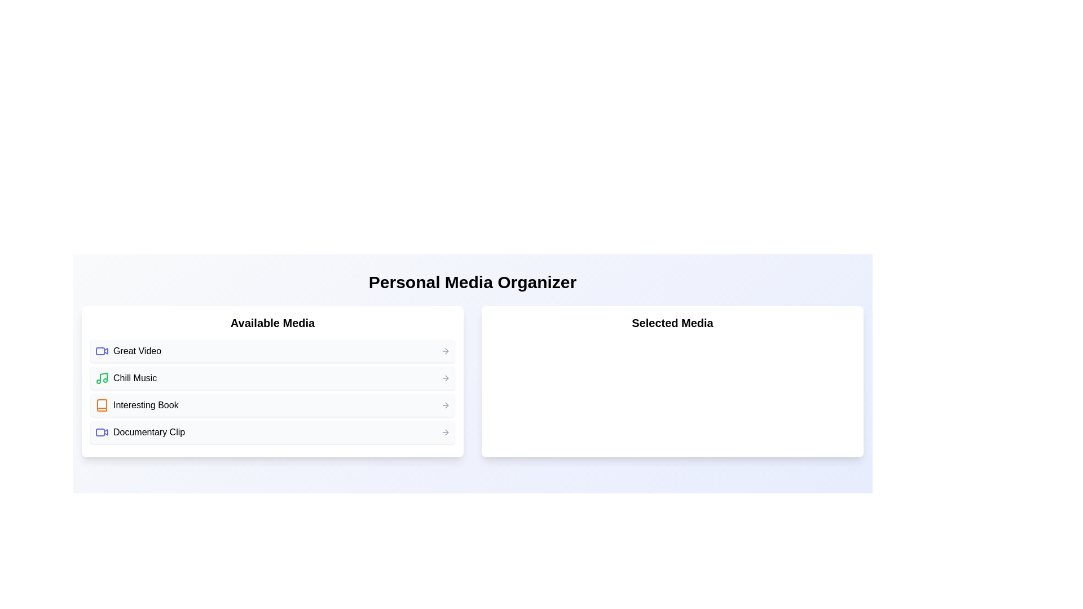 The image size is (1083, 609). What do you see at coordinates (446, 432) in the screenshot?
I see `the arrow SVG component located at the rightmost position of the last item in the 'Available Media' list, adjacent to the text 'Documentary Clip'` at bounding box center [446, 432].